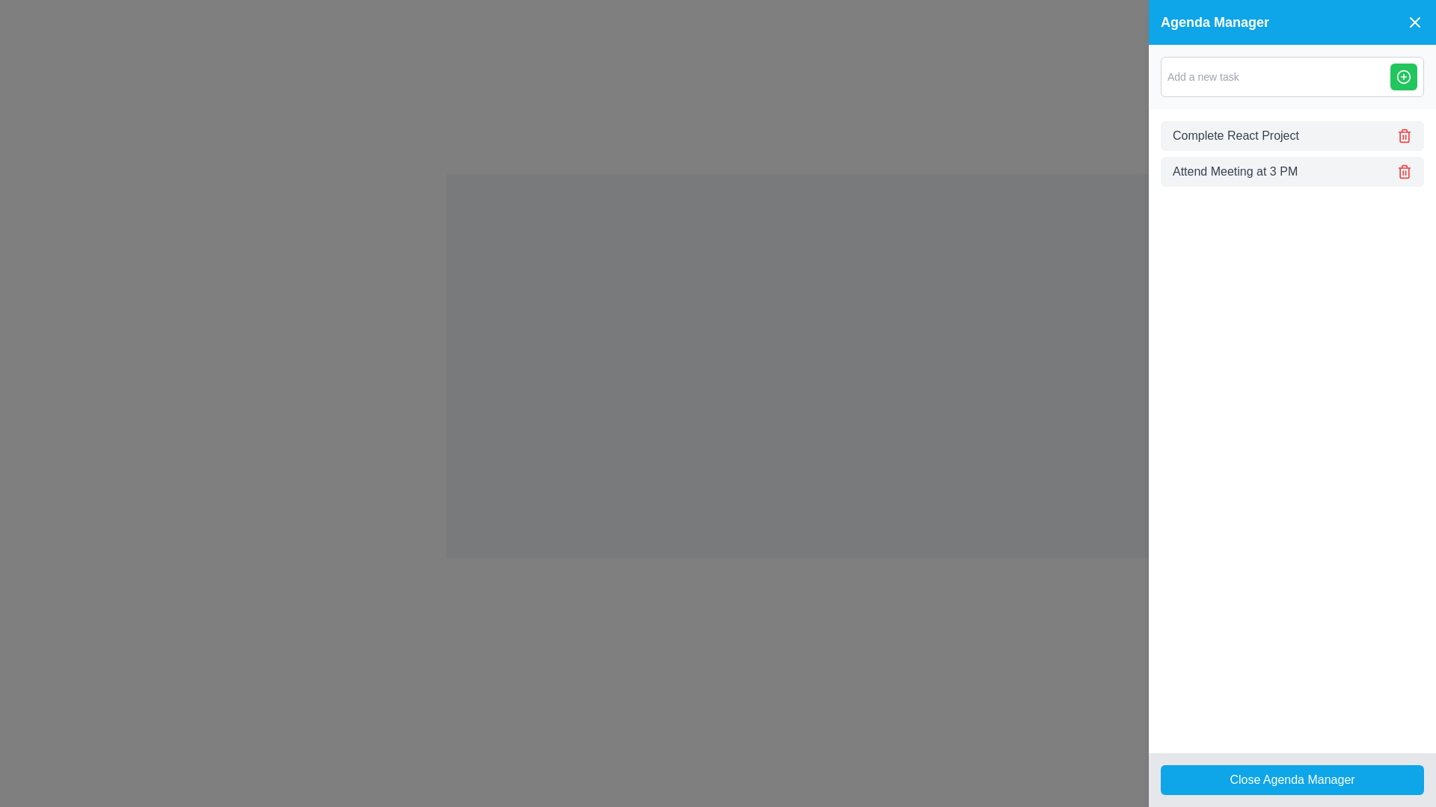 Image resolution: width=1436 pixels, height=807 pixels. Describe the element at coordinates (1402, 77) in the screenshot. I see `the circular '+' button with a green background located to the upper-right corner of the interface, adjacent to the 'Add a new task' input field` at that location.